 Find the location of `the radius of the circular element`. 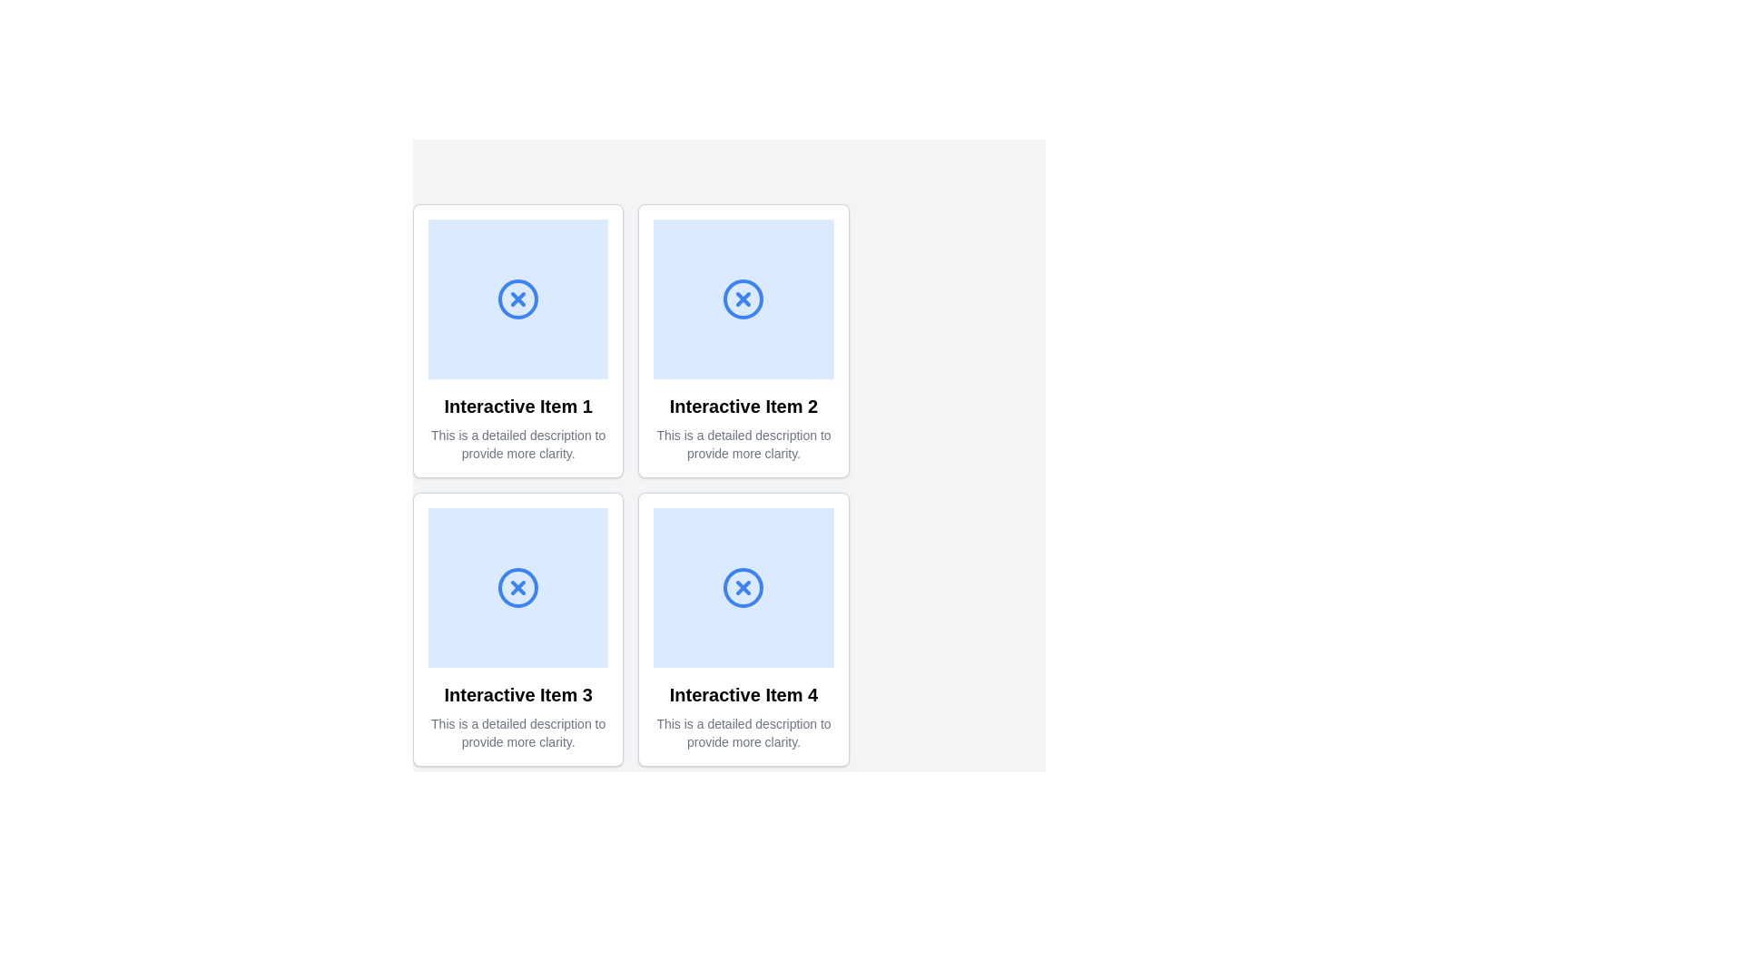

the radius of the circular element is located at coordinates (790, 299).